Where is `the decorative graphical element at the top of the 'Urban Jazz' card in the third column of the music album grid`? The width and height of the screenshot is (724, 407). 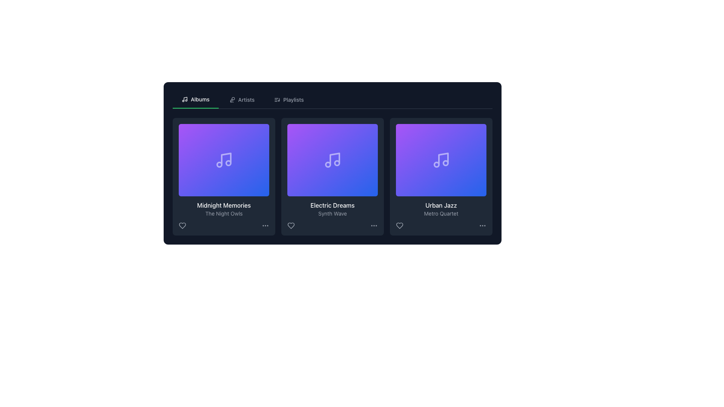 the decorative graphical element at the top of the 'Urban Jazz' card in the third column of the music album grid is located at coordinates (441, 159).